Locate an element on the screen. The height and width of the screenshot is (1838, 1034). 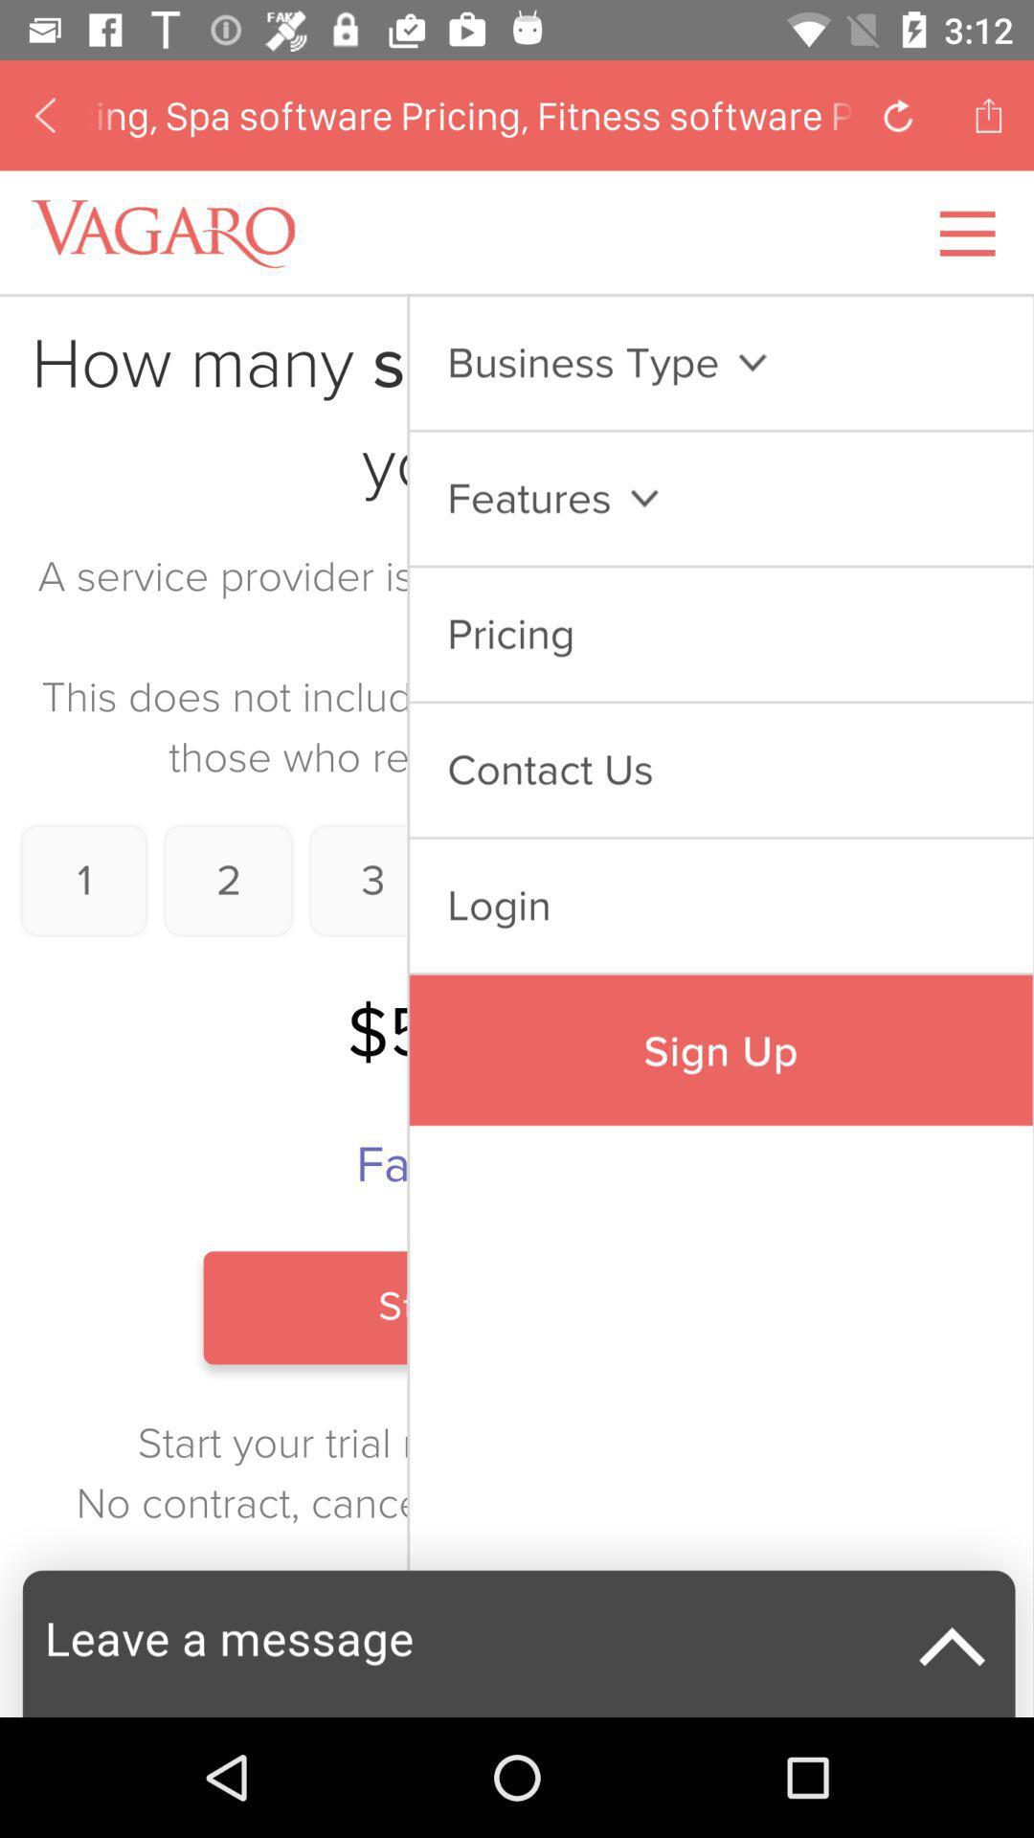
the refresh icon is located at coordinates (898, 114).